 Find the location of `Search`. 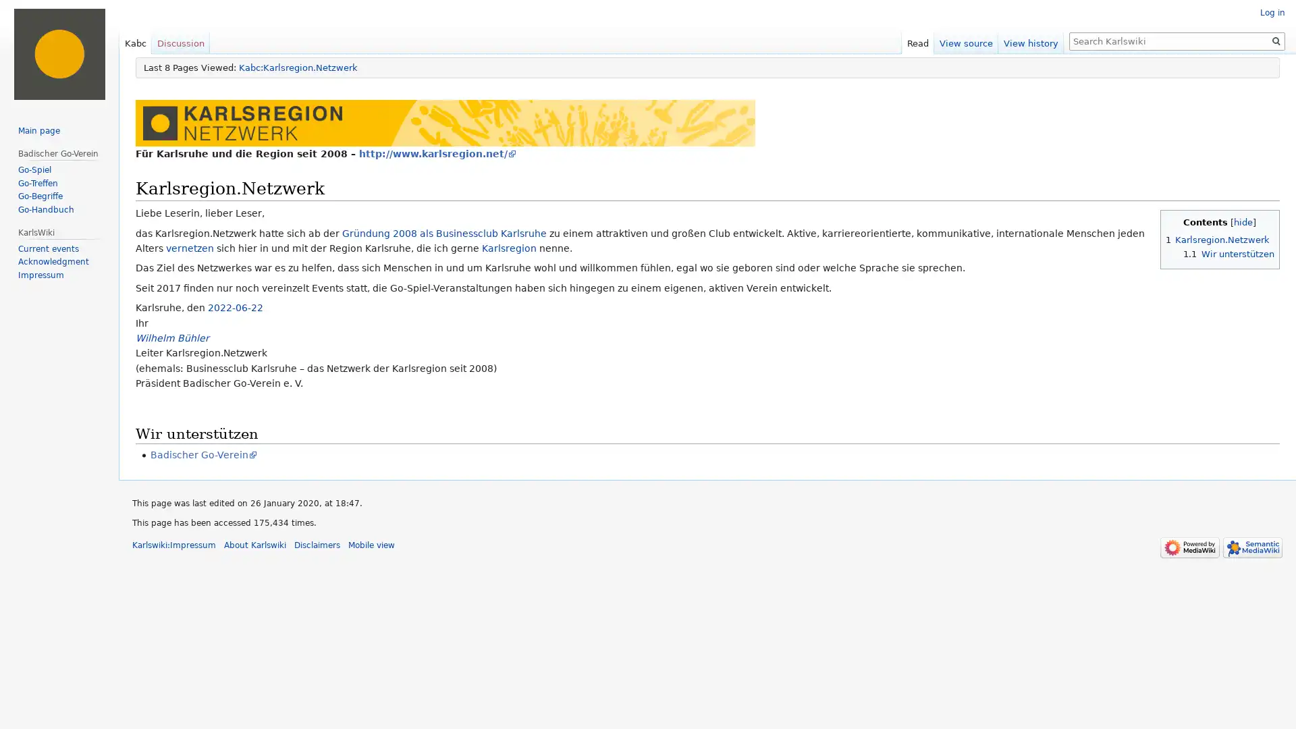

Search is located at coordinates (1276, 40).